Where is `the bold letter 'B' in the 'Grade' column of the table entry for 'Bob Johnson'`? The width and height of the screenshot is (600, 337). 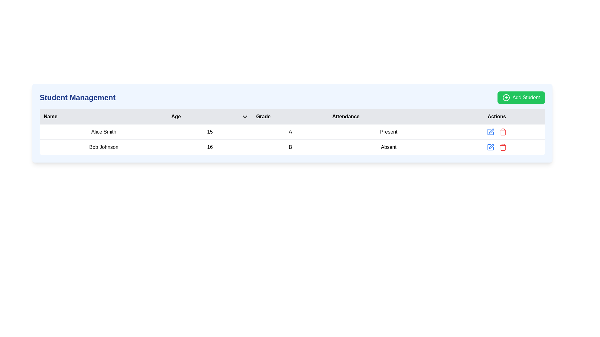
the bold letter 'B' in the 'Grade' column of the table entry for 'Bob Johnson' is located at coordinates (290, 147).